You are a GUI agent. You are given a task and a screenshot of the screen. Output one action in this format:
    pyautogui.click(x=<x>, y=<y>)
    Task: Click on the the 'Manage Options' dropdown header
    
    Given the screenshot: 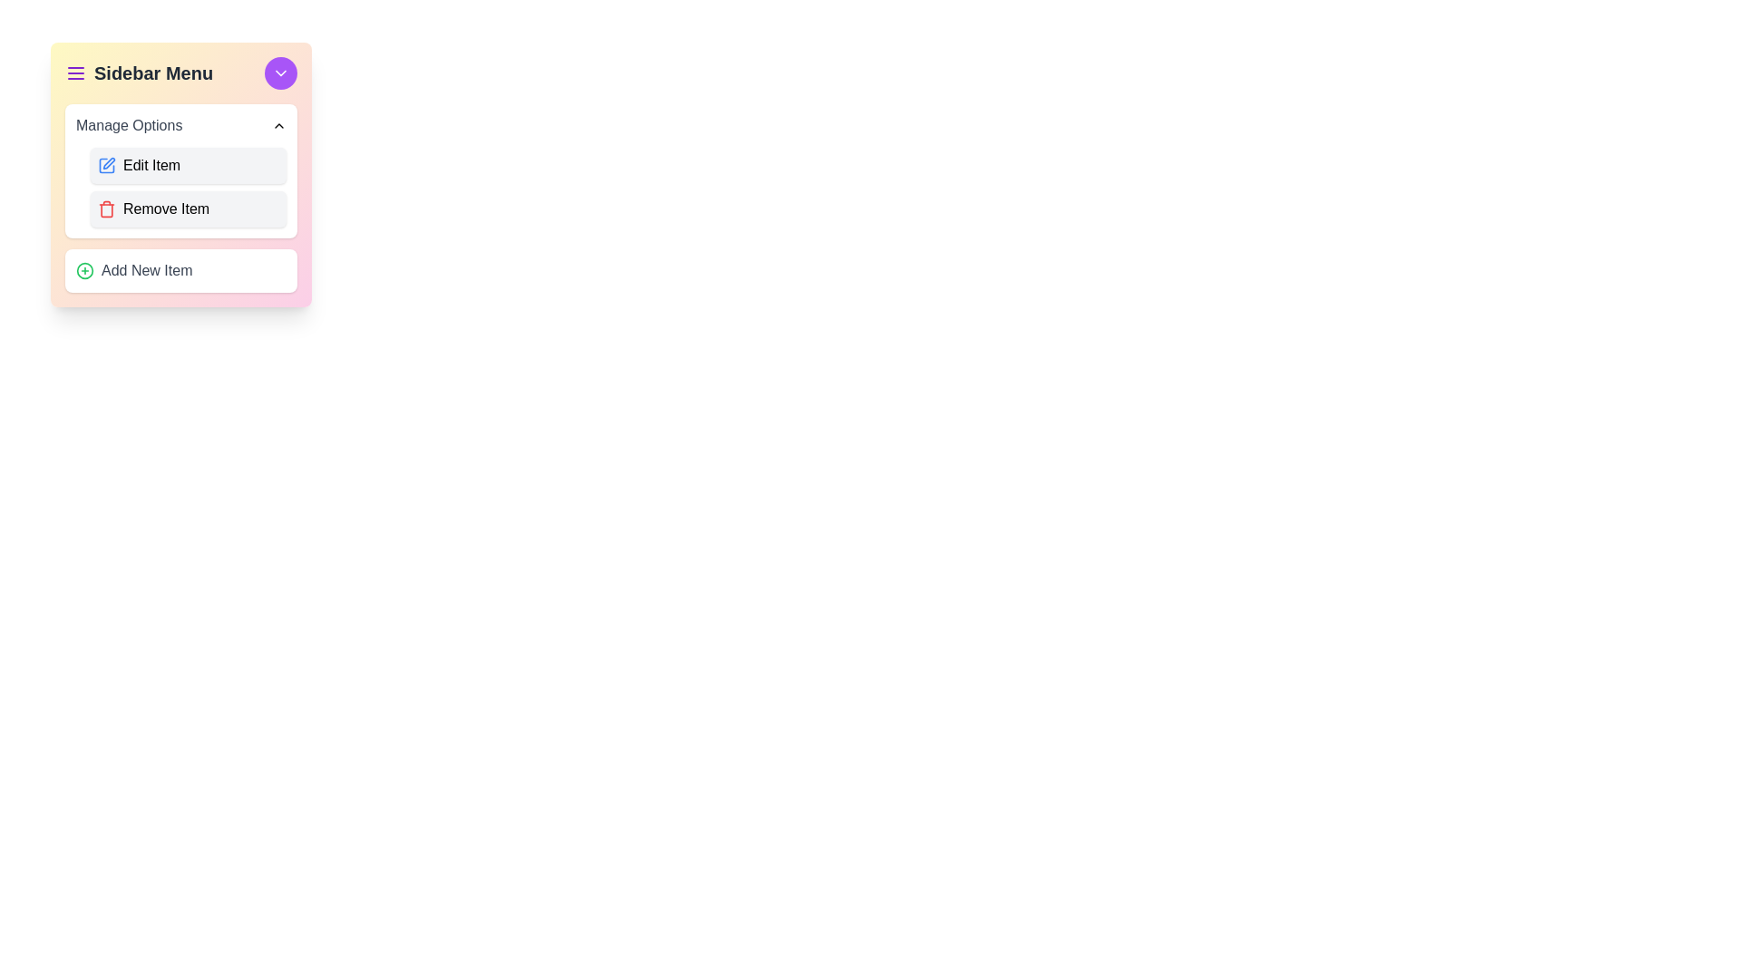 What is the action you would take?
    pyautogui.click(x=181, y=124)
    